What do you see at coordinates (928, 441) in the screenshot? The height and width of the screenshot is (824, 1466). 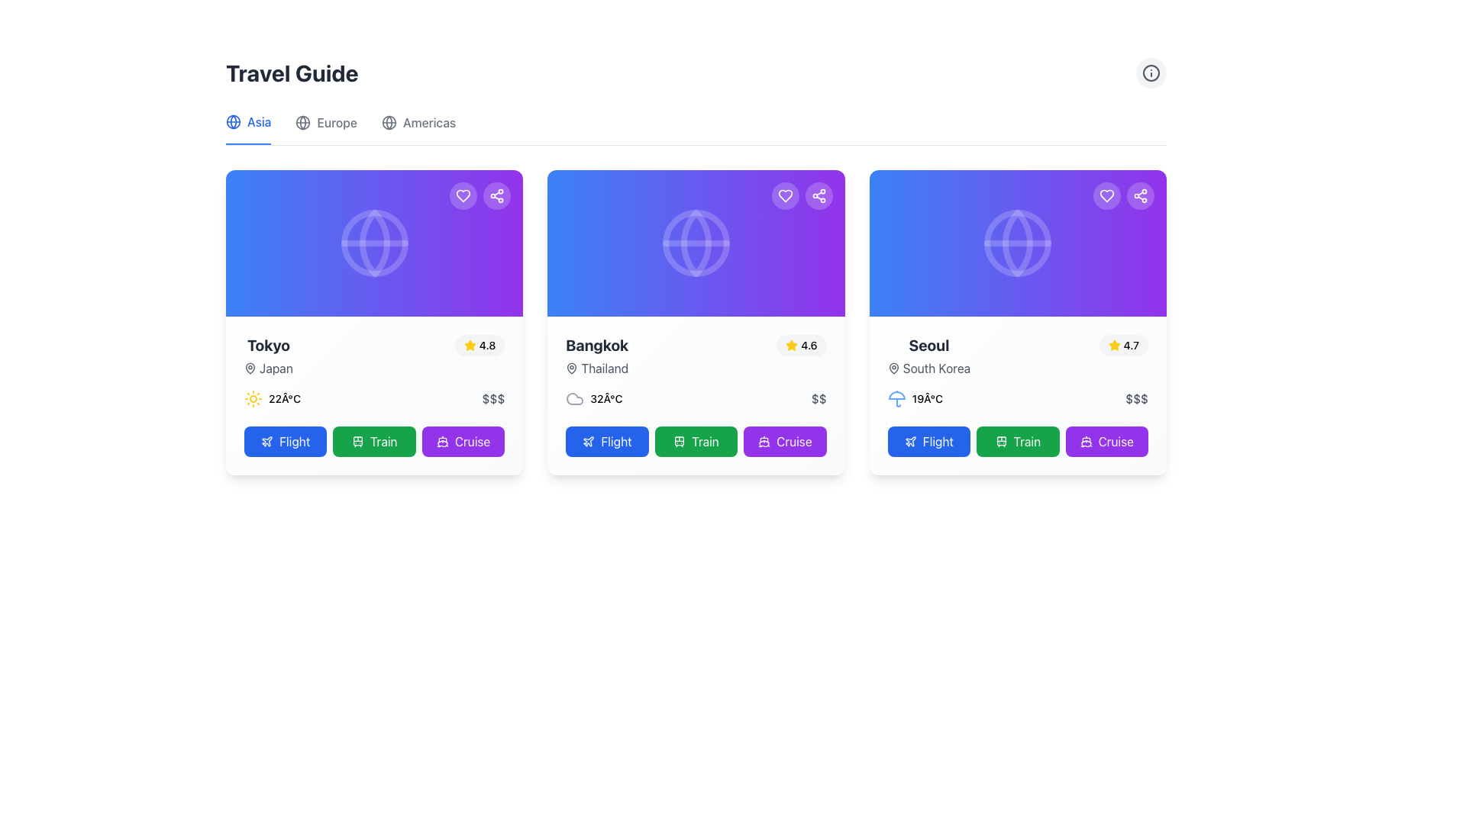 I see `the leftmost button labeled 'Flight' within the 'Seoul' card` at bounding box center [928, 441].